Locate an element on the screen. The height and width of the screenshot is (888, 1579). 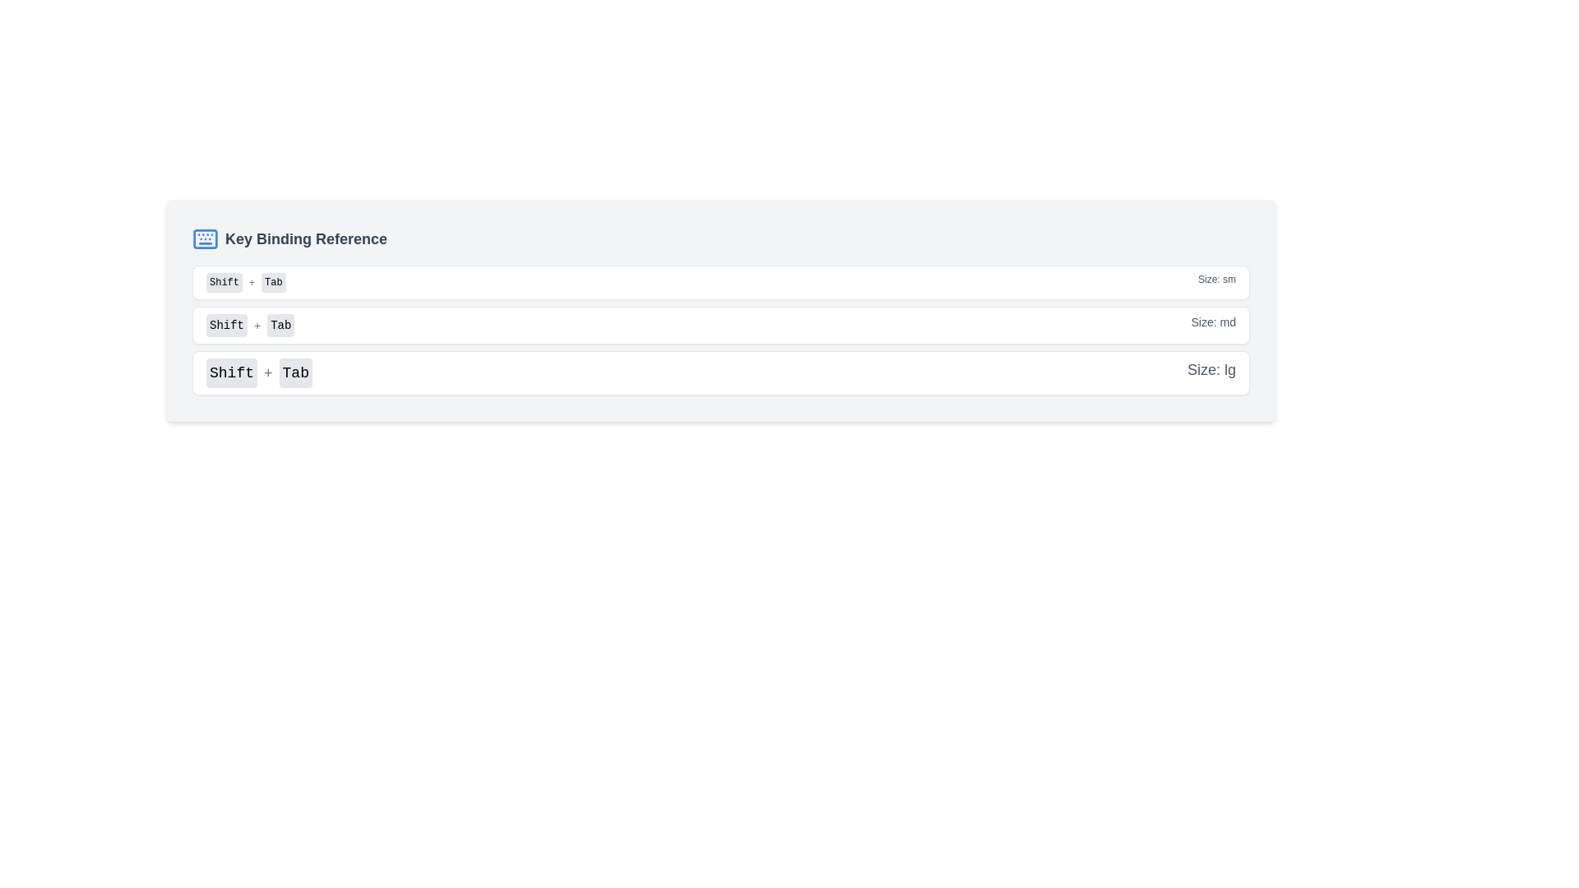
the Text label displaying the keyboard shortcut 'Shift + Tab' located in the third row under the 'Key Binding Reference' heading is located at coordinates (258, 373).